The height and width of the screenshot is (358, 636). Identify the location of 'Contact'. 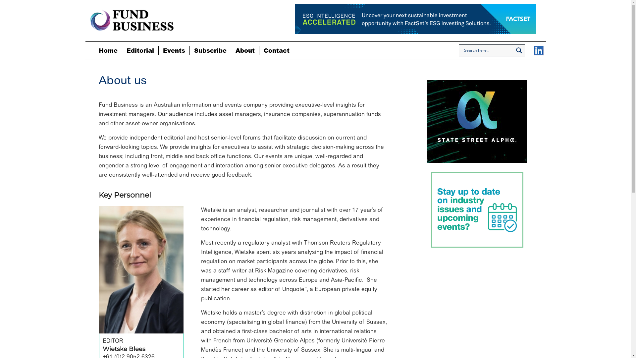
(259, 50).